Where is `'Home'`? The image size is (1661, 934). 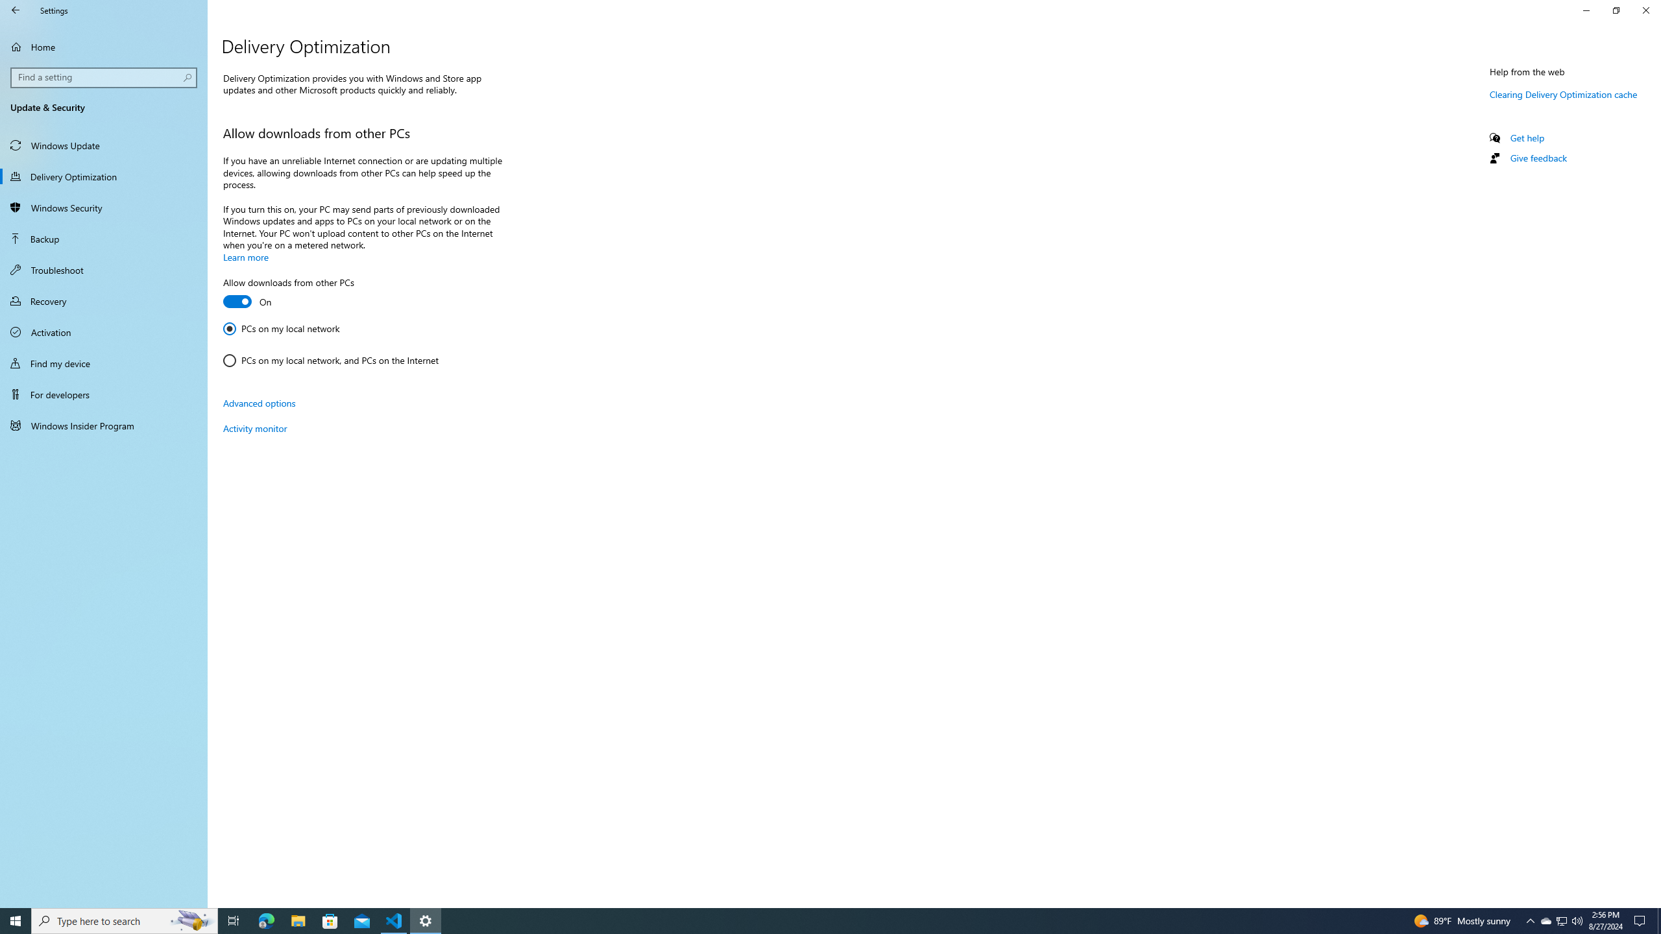 'Home' is located at coordinates (103, 47).